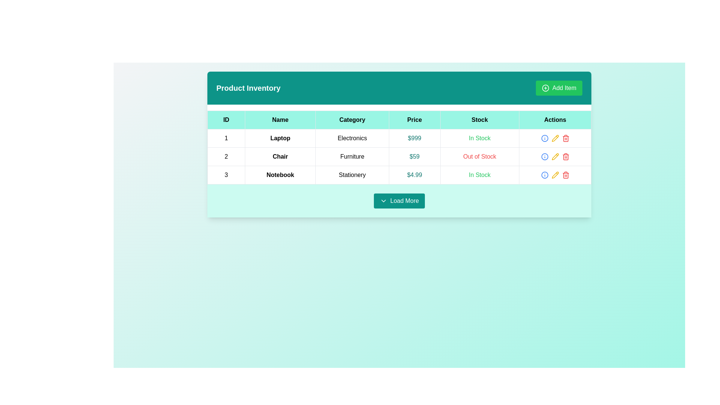 The image size is (720, 405). What do you see at coordinates (226, 175) in the screenshot?
I see `the table cell containing the number '3'` at bounding box center [226, 175].